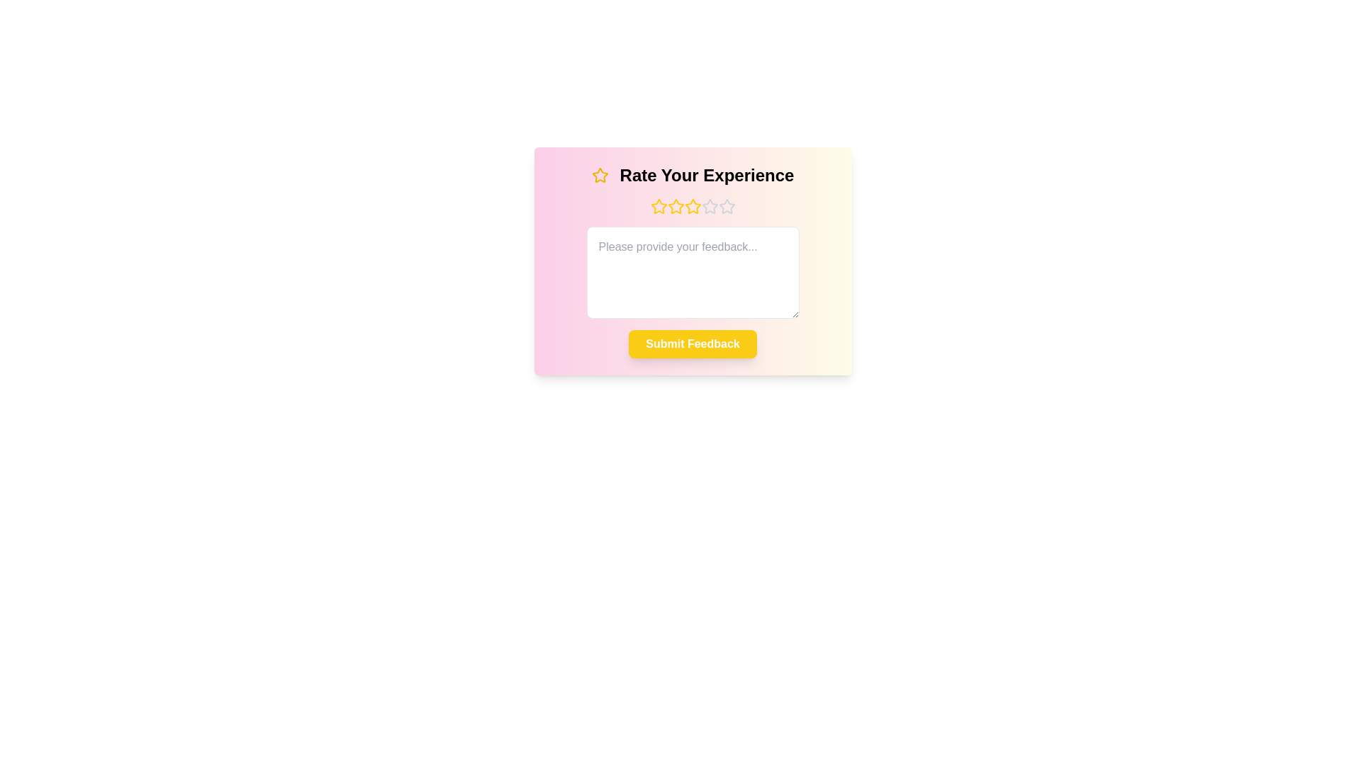  What do you see at coordinates (693, 207) in the screenshot?
I see `the rating to 3 stars by clicking on the corresponding star` at bounding box center [693, 207].